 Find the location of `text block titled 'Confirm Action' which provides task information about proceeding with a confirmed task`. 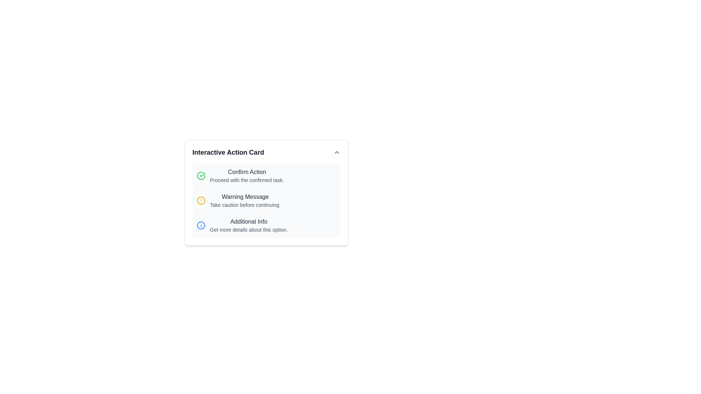

text block titled 'Confirm Action' which provides task information about proceeding with a confirmed task is located at coordinates (247, 176).